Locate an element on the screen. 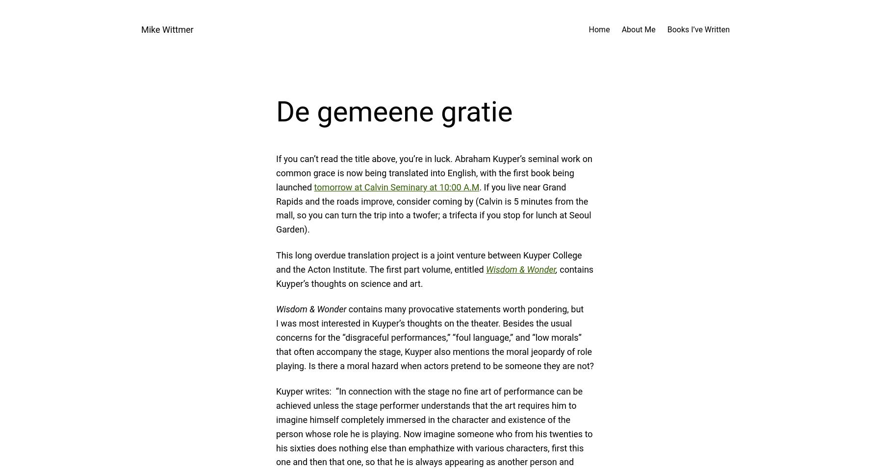  'De gemeene gratie' is located at coordinates (276, 111).